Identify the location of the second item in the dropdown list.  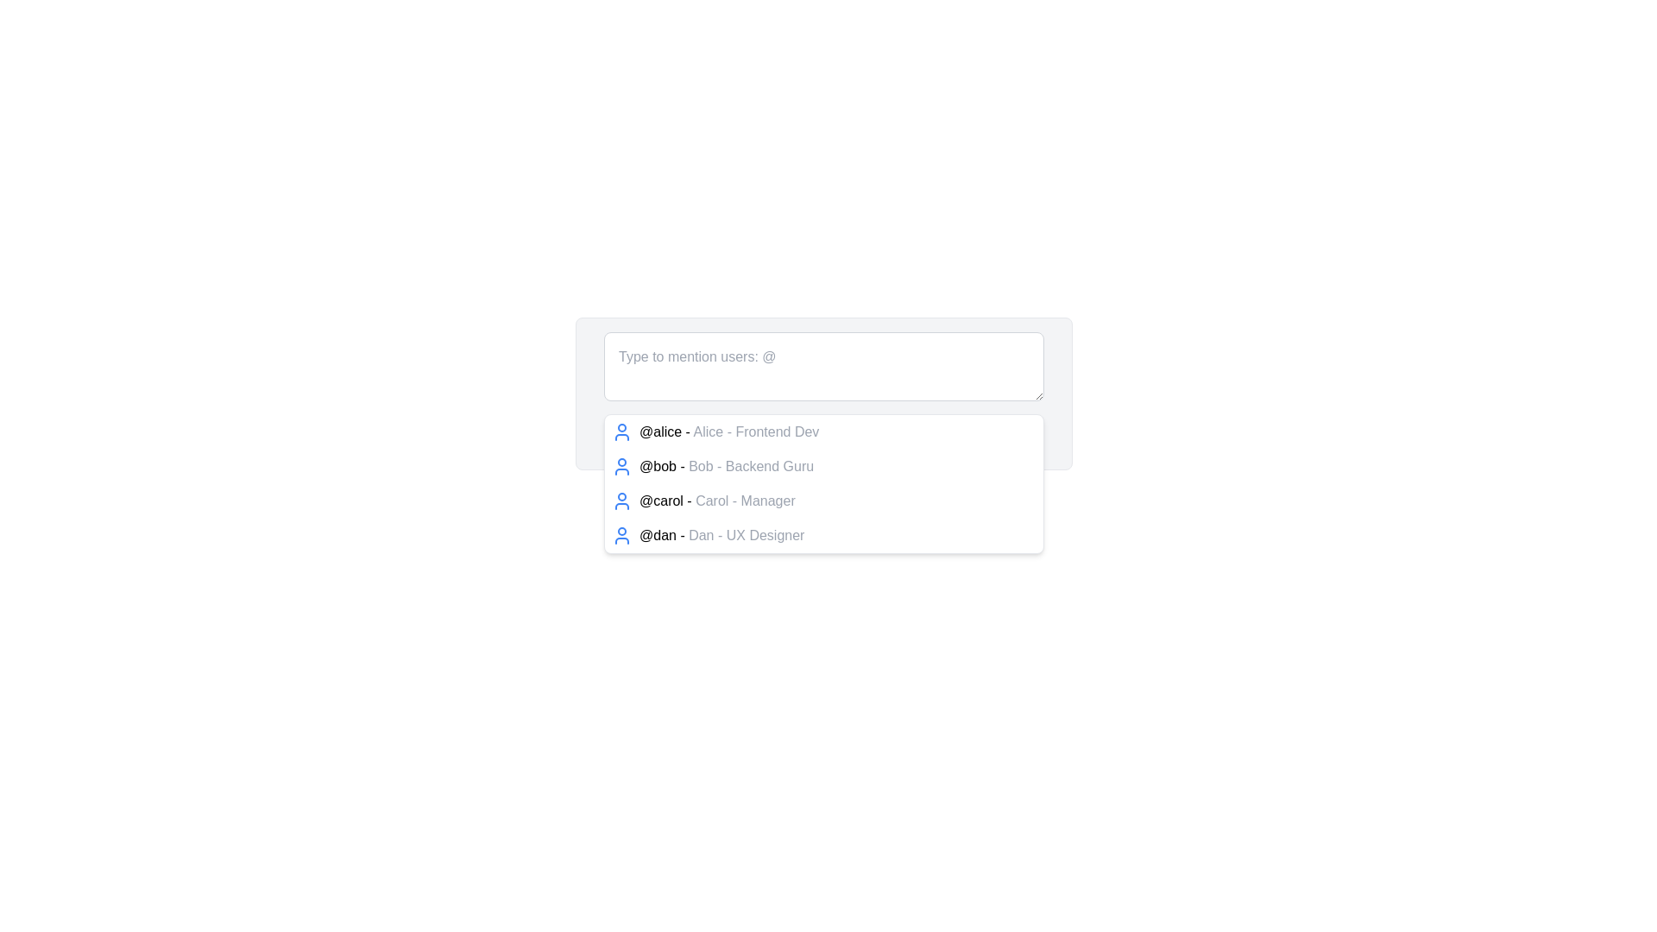
(823, 466).